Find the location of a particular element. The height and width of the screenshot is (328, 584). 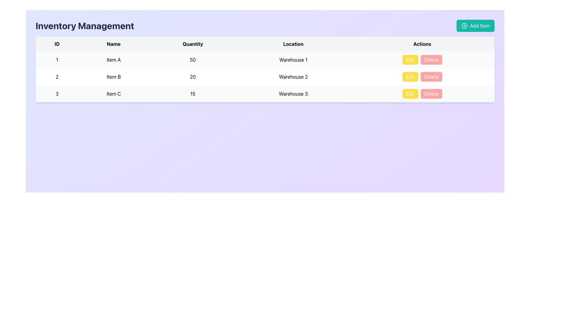

the 'Location' text label in the fourth column of the third row of the inventory table is located at coordinates (293, 94).